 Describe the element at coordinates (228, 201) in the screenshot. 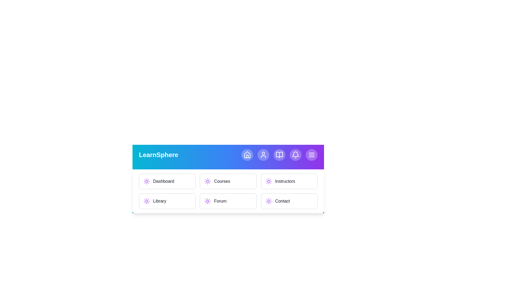

I see `the menu item Forum to navigate to the corresponding section` at that location.